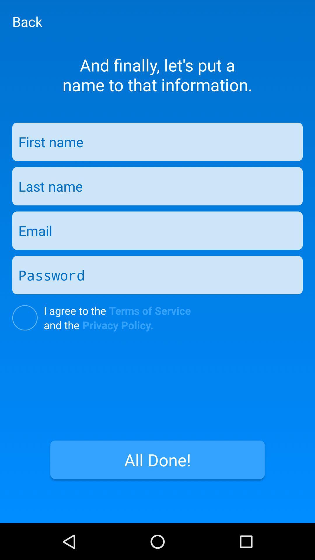 The image size is (315, 560). What do you see at coordinates (157, 230) in the screenshot?
I see `your email` at bounding box center [157, 230].